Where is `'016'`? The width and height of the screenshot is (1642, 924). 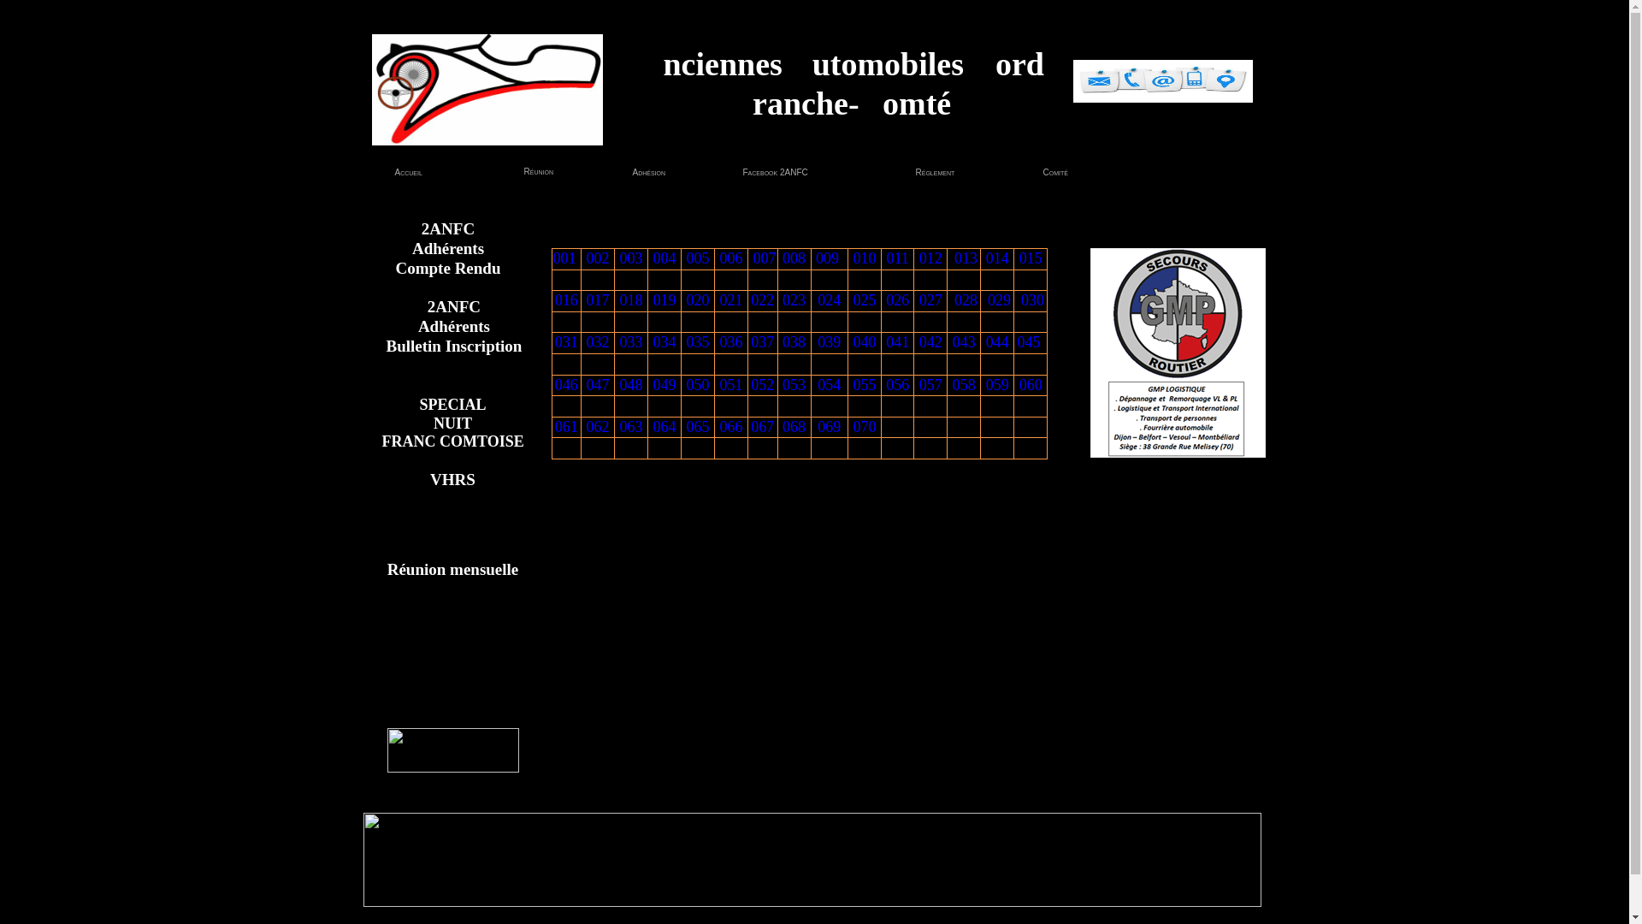
'016' is located at coordinates (554, 299).